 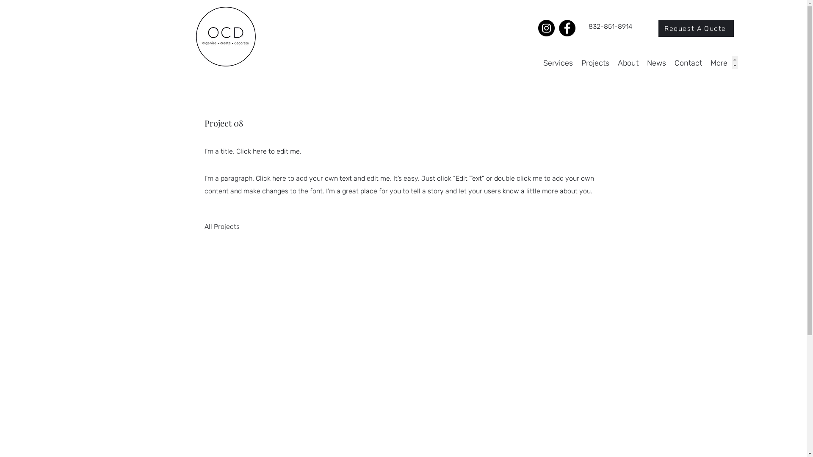 I want to click on 'About', so click(x=628, y=62).